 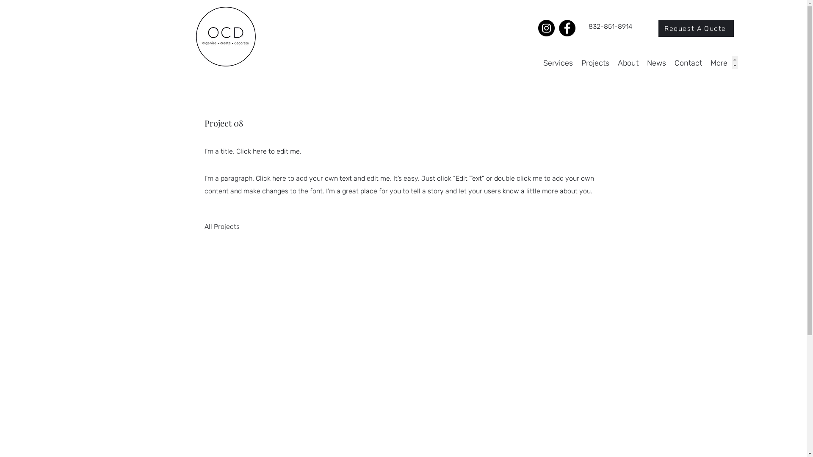 I want to click on 'About', so click(x=628, y=62).